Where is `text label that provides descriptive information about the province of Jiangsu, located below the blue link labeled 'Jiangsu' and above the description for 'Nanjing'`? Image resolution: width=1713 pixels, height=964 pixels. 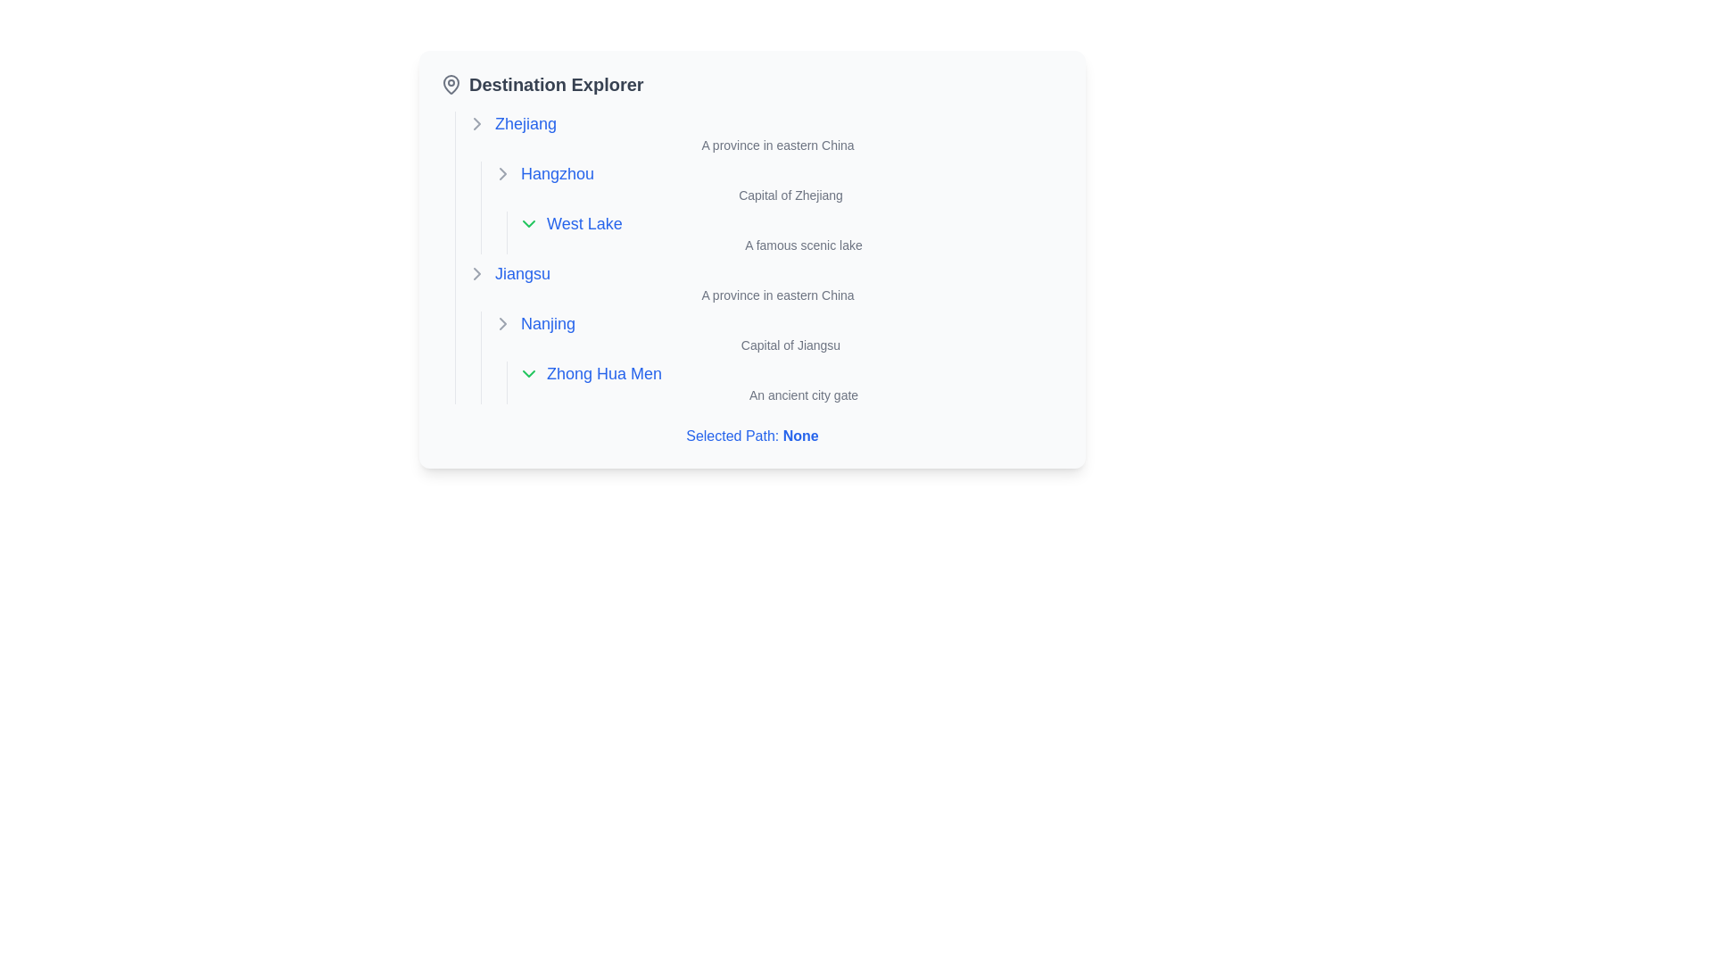 text label that provides descriptive information about the province of Jiangsu, located below the blue link labeled 'Jiangsu' and above the description for 'Nanjing' is located at coordinates (765, 295).